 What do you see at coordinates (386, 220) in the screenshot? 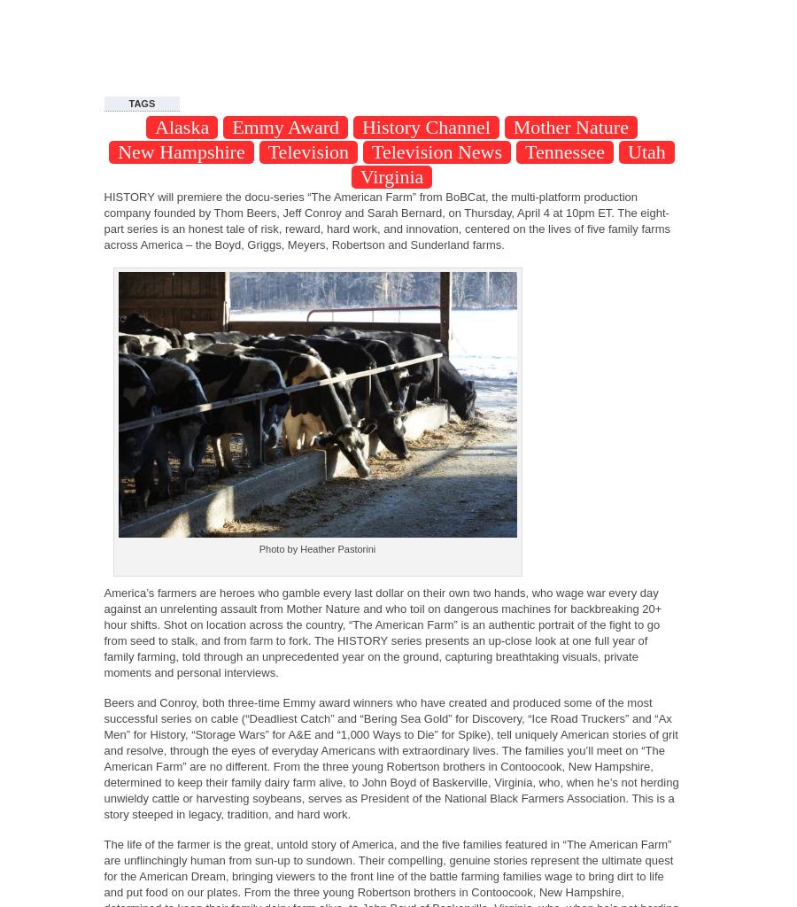
I see `'HISTORY will premiere the docu-series “The American Farm” from BoBCat, the multi-platform production company founded by Thom Beers, Jeff Conroy and Sarah Bernard, on Thursday, April 4 at 10pm ET. The eight-part series is an honest tale of risk, reward, hard work, and innovation, centered on the lives of five family farms across America – the Boyd, Griggs, Meyers, Robertson and Sunderland farms.'` at bounding box center [386, 220].